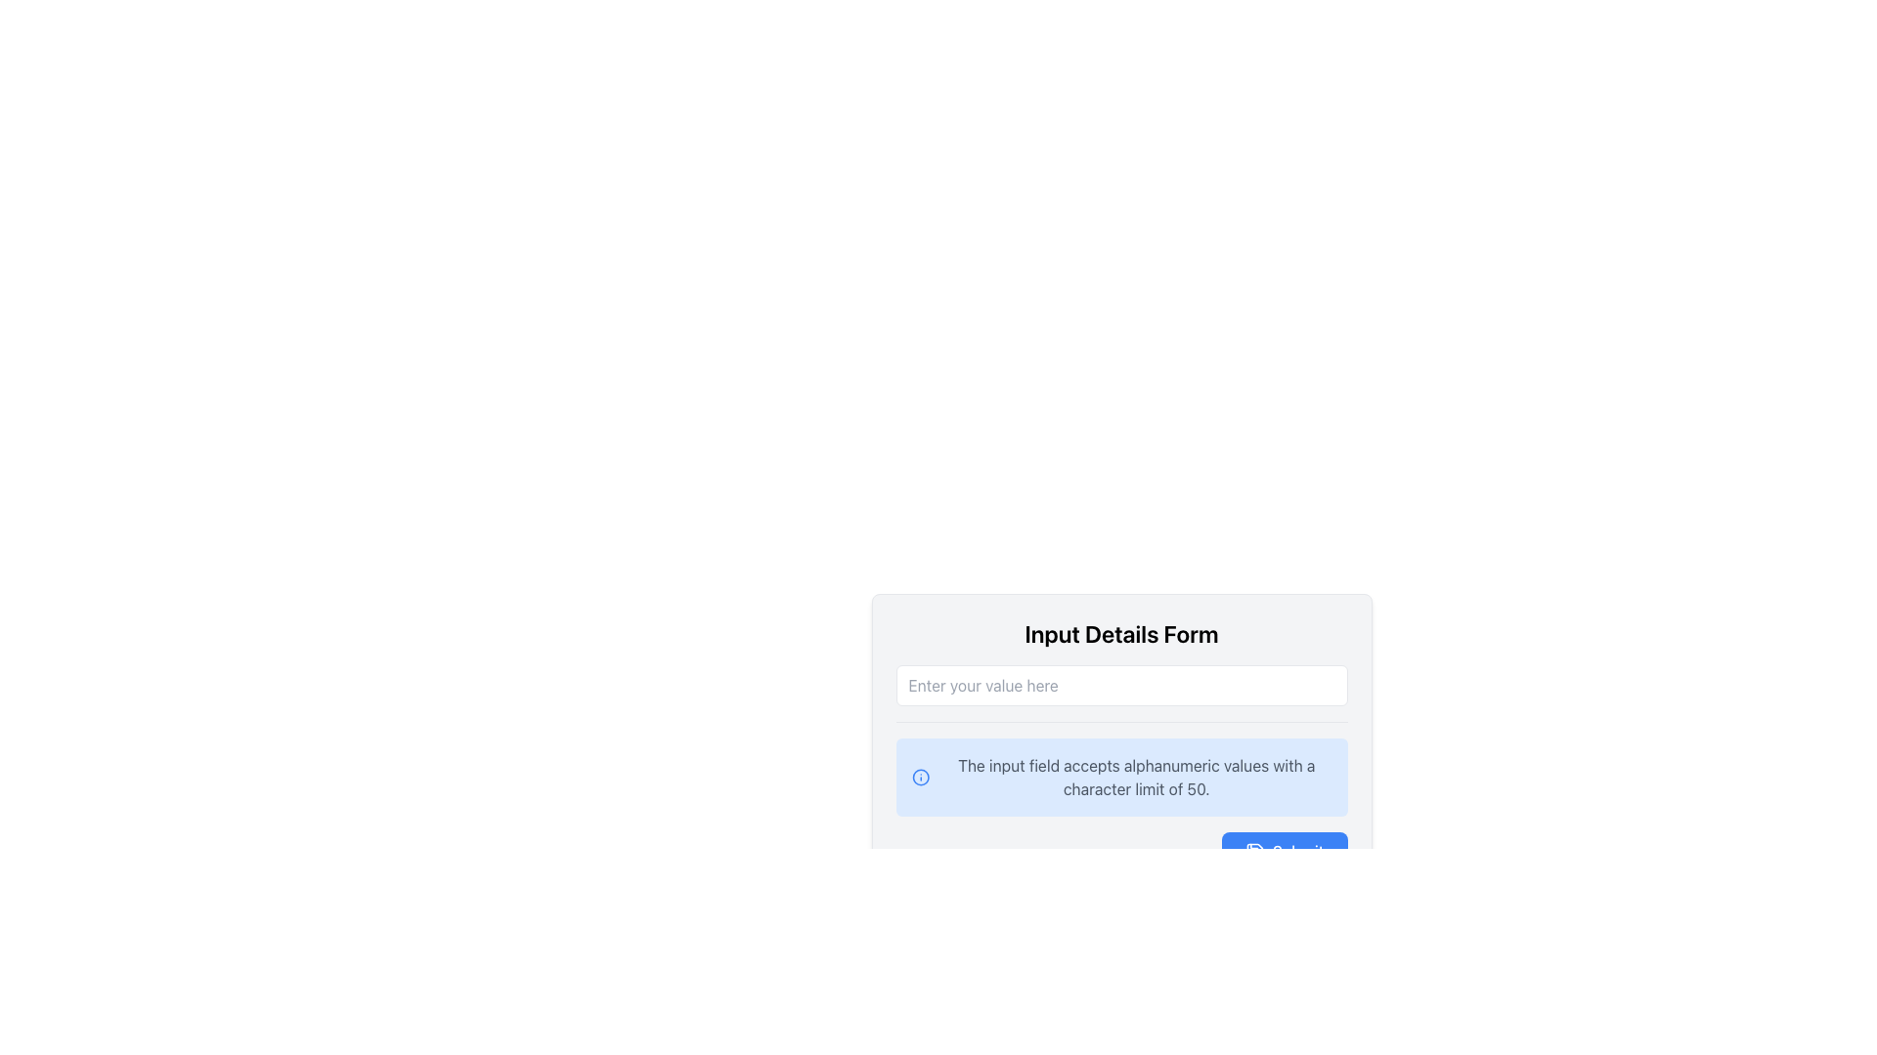 This screenshot has height=1055, width=1877. What do you see at coordinates (1136, 776) in the screenshot?
I see `text block that contains the message 'The input field accepts alphanumeric values with a character limit of 50.', styled with gray font on a light blue background` at bounding box center [1136, 776].